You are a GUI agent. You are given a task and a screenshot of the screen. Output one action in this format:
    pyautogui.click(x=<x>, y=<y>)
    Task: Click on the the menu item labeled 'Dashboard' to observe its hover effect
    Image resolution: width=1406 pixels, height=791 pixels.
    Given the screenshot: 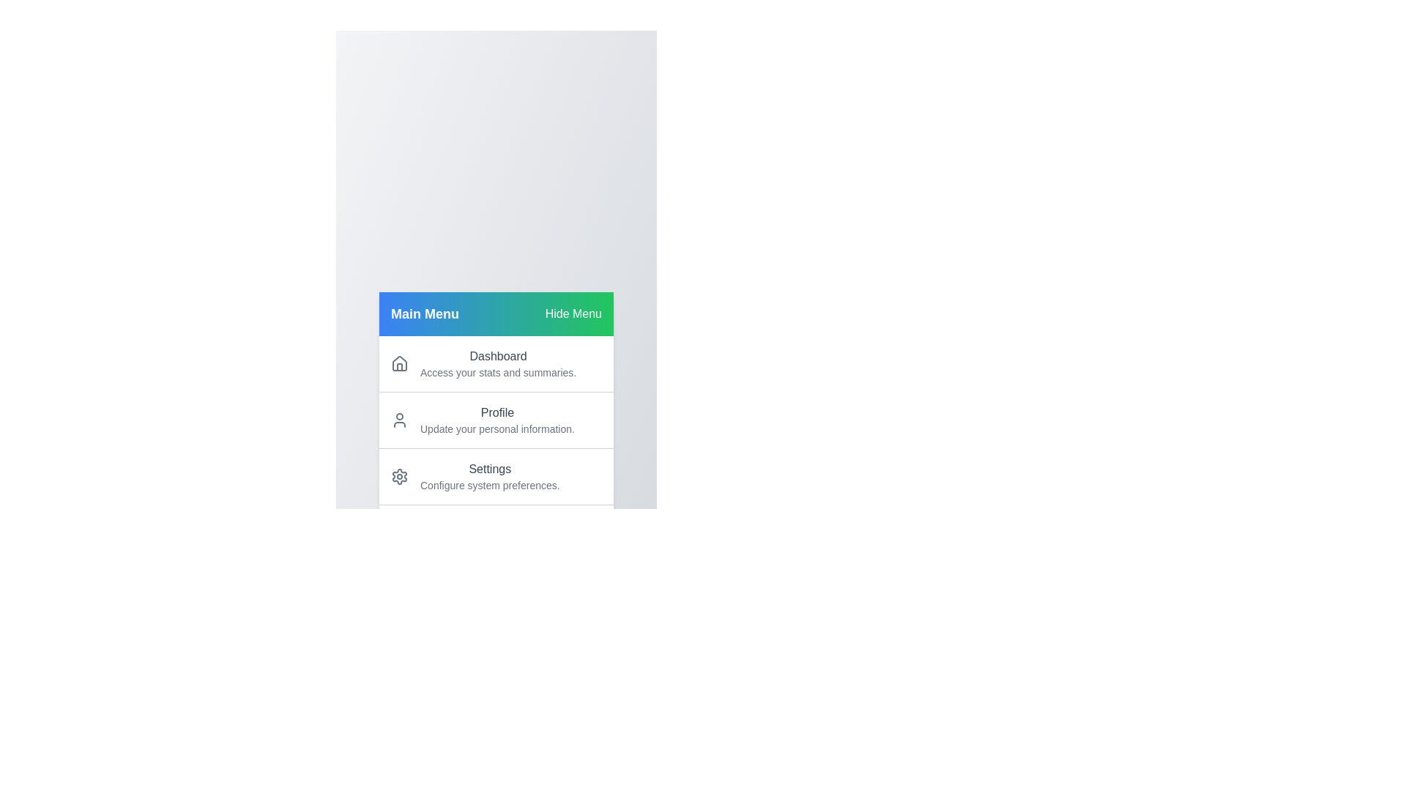 What is the action you would take?
    pyautogui.click(x=496, y=363)
    